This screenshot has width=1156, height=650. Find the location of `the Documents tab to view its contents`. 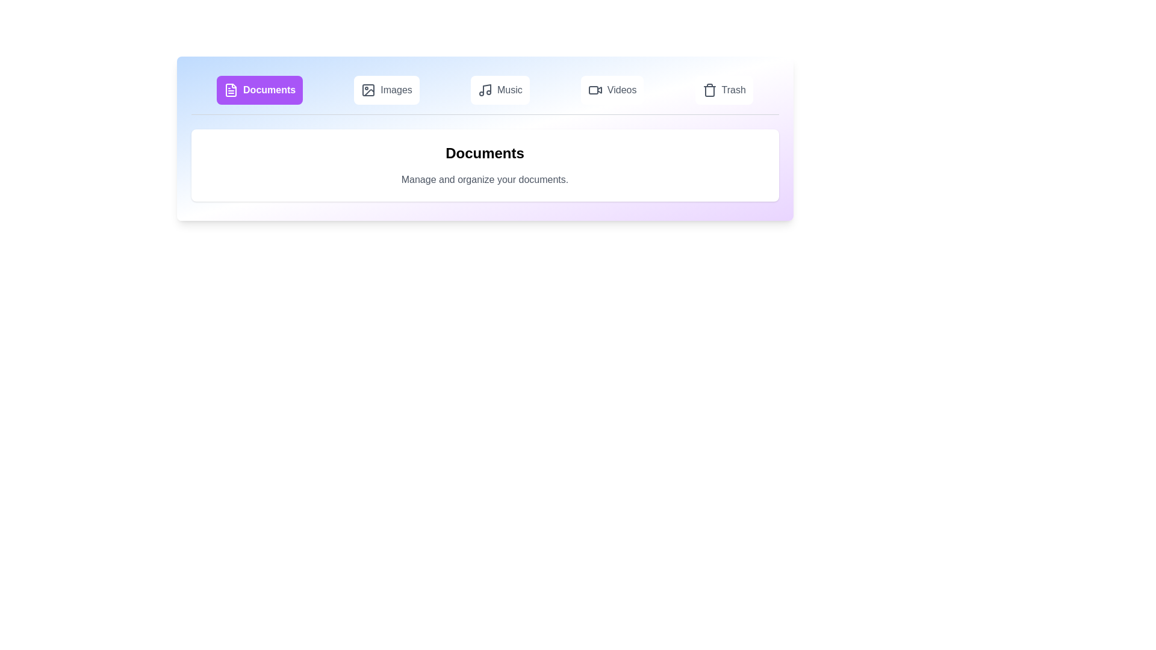

the Documents tab to view its contents is located at coordinates (259, 90).